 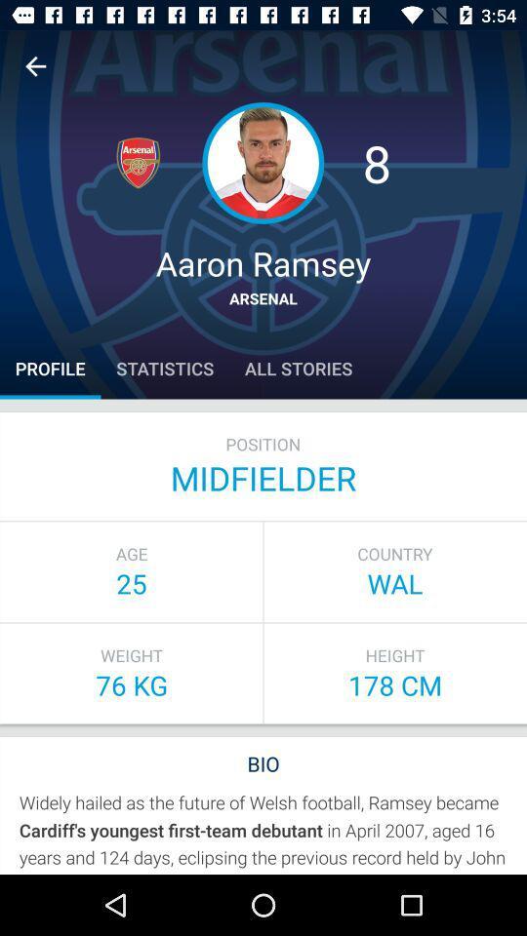 What do you see at coordinates (35, 66) in the screenshot?
I see `back one` at bounding box center [35, 66].